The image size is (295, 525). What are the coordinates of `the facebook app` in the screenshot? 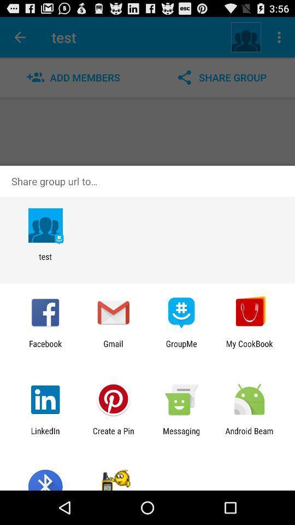 It's located at (45, 348).